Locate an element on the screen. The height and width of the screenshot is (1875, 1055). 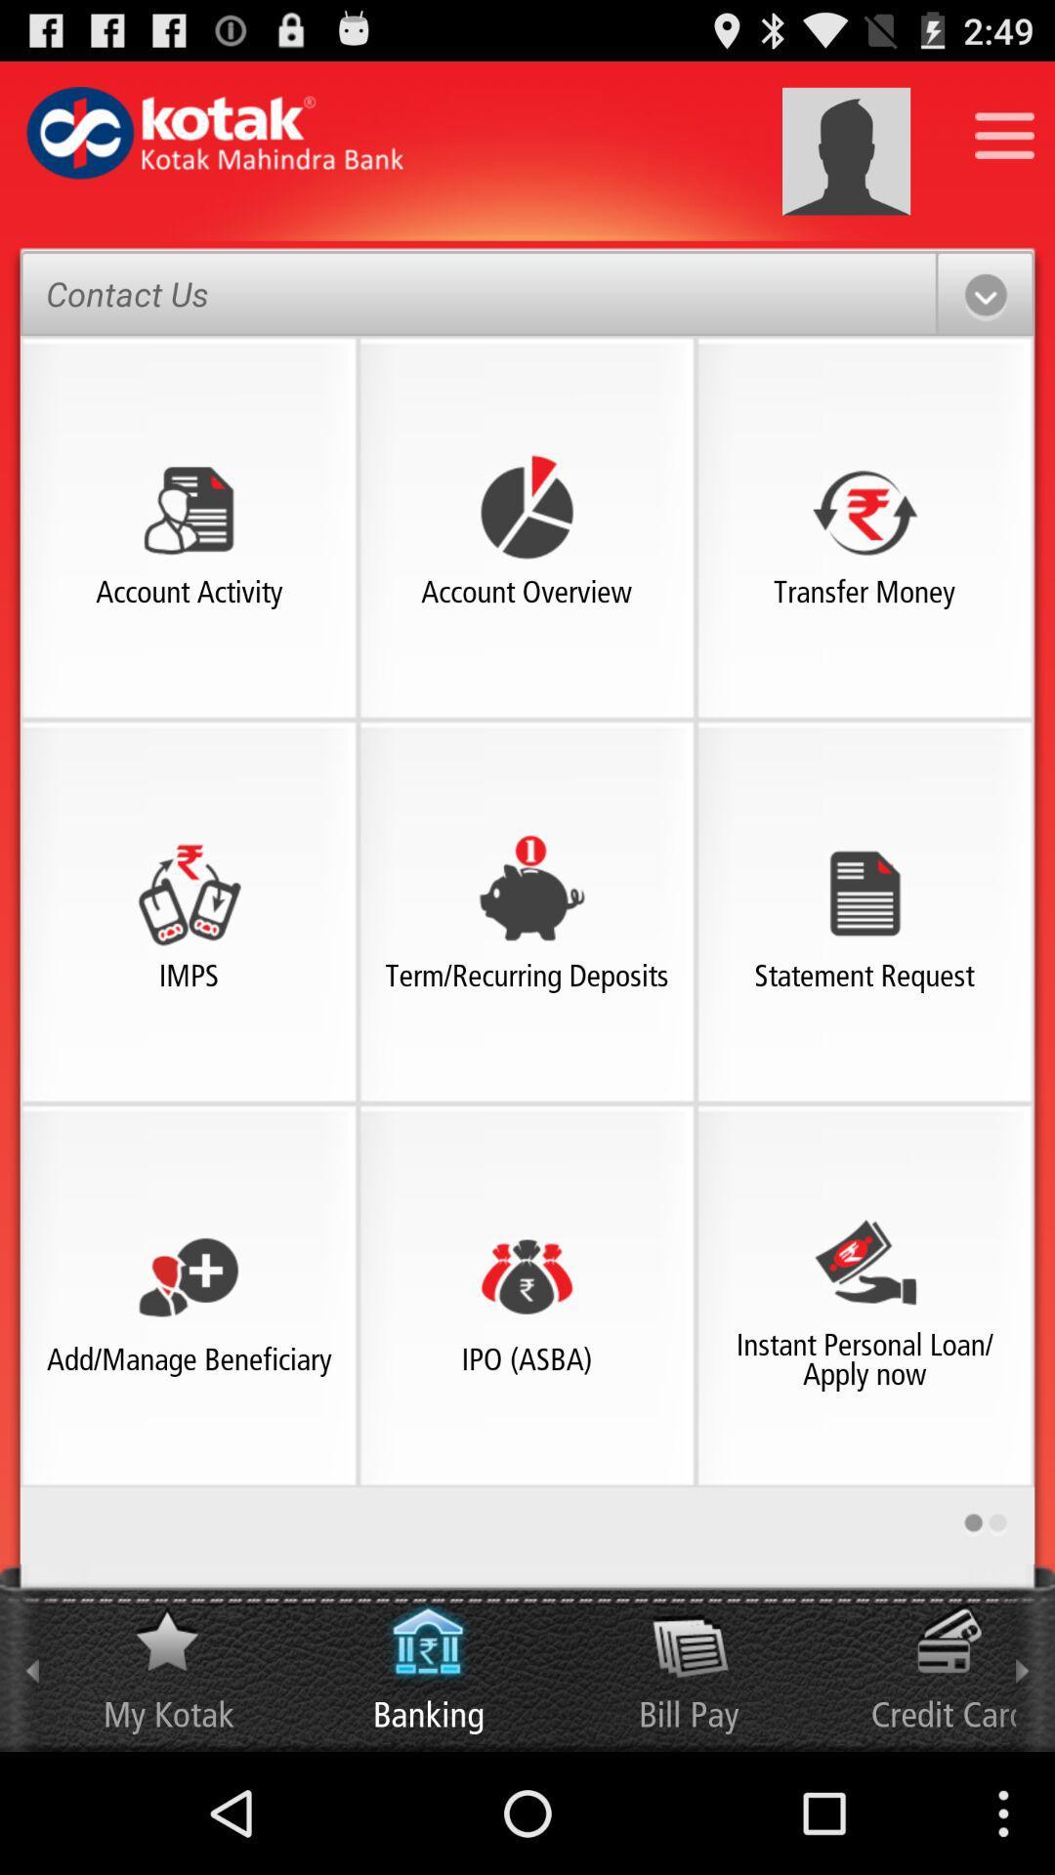
the image above instant personal loanapply now text is located at coordinates (864, 1262).